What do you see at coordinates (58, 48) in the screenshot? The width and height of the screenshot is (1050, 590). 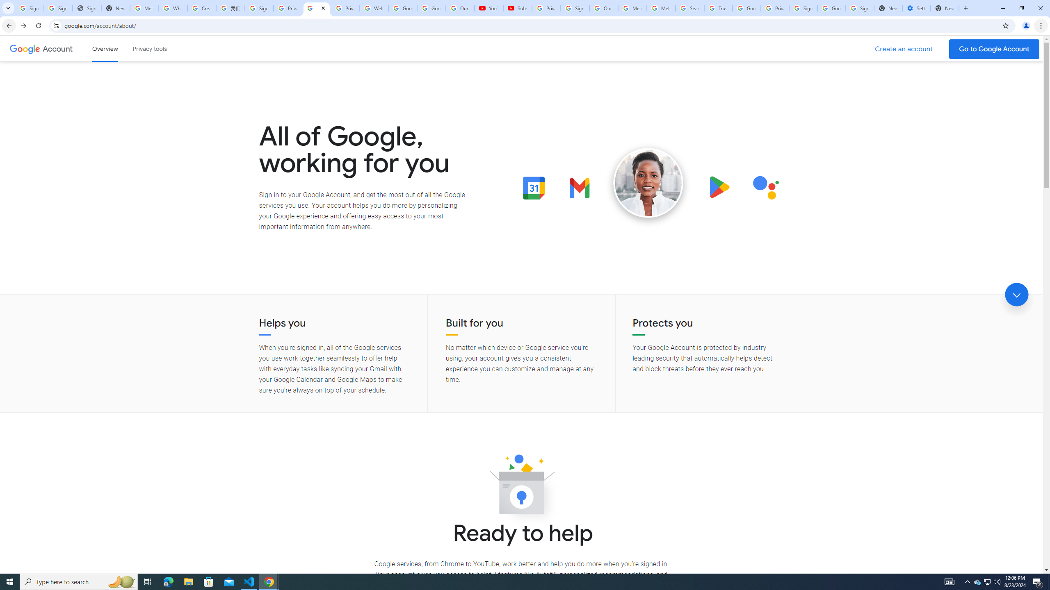 I see `'Google Account'` at bounding box center [58, 48].